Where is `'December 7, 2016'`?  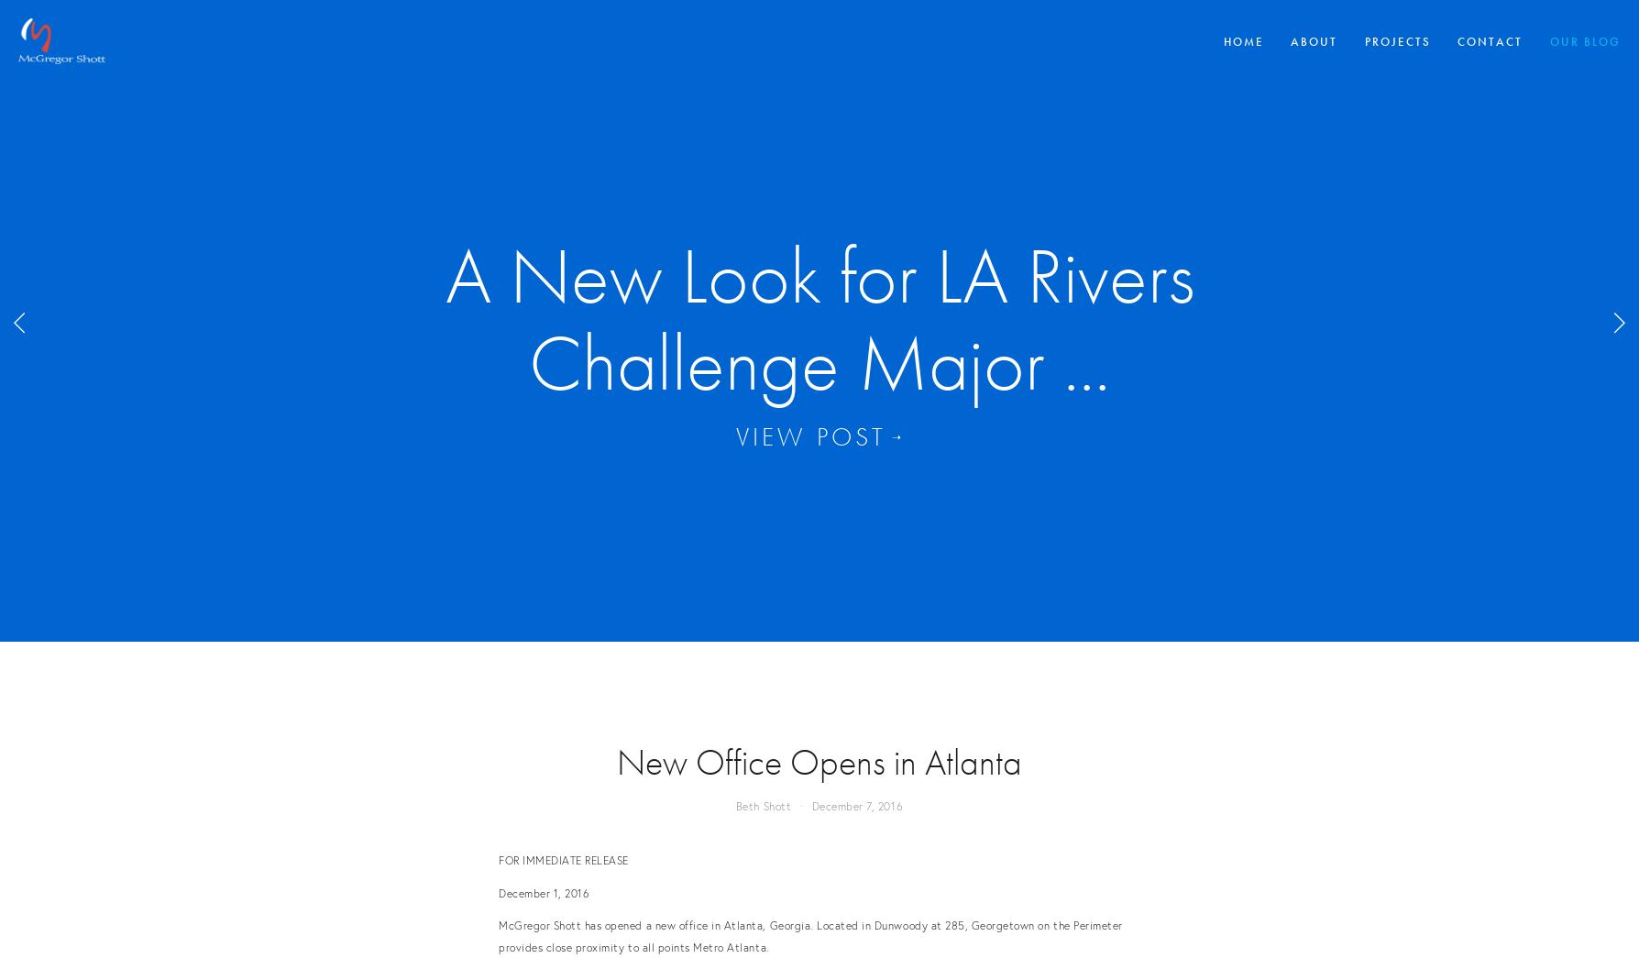
'December 7, 2016' is located at coordinates (856, 806).